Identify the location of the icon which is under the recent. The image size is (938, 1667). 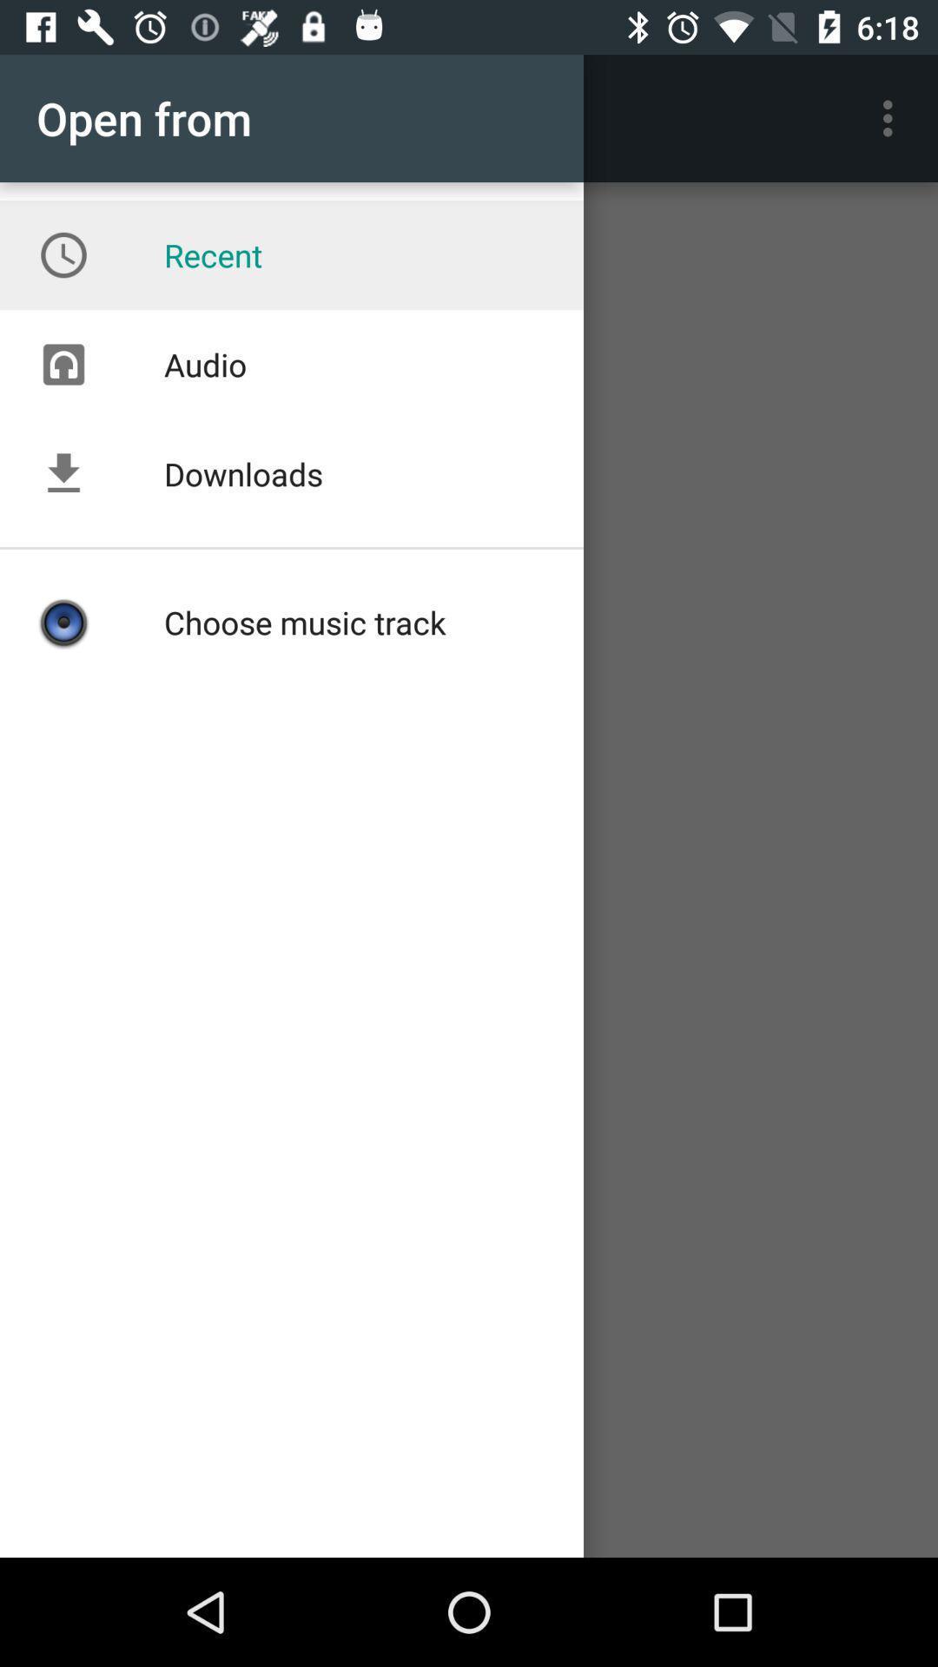
(63, 364).